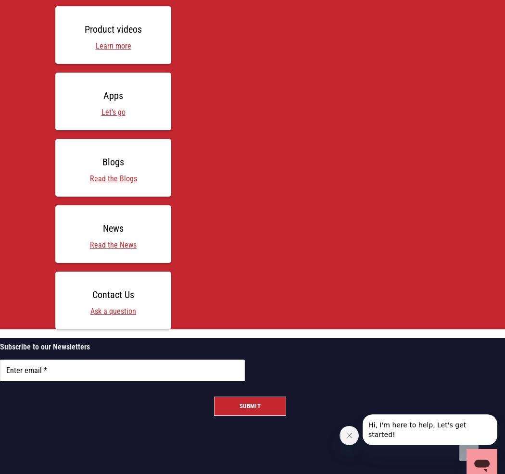  Describe the element at coordinates (113, 161) in the screenshot. I see `'Blogs'` at that location.